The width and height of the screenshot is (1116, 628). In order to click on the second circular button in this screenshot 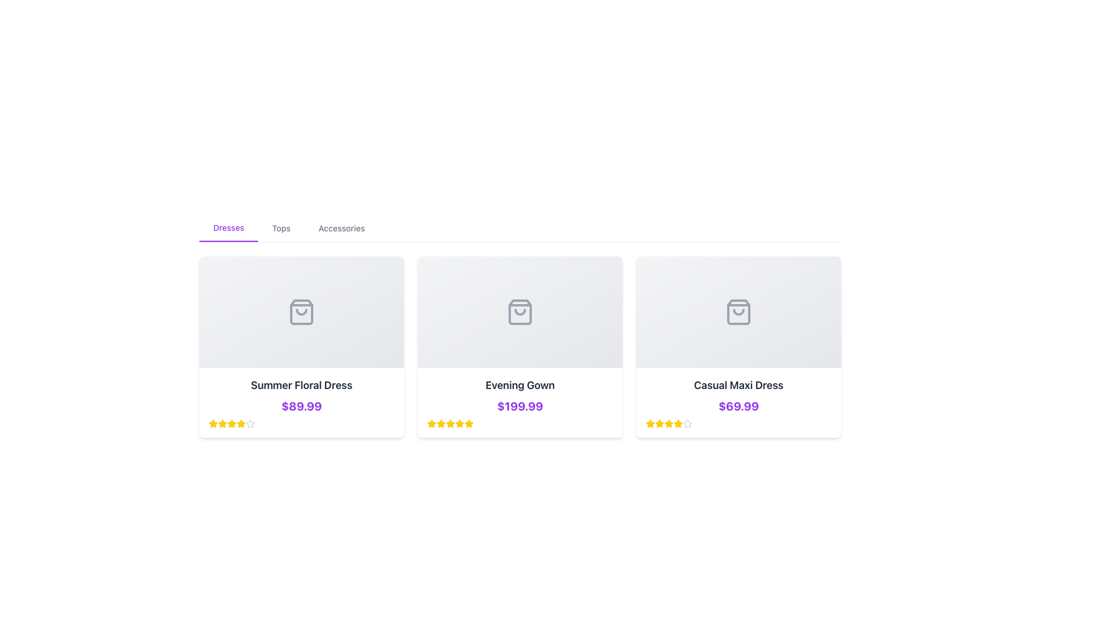, I will do `click(753, 347)`.